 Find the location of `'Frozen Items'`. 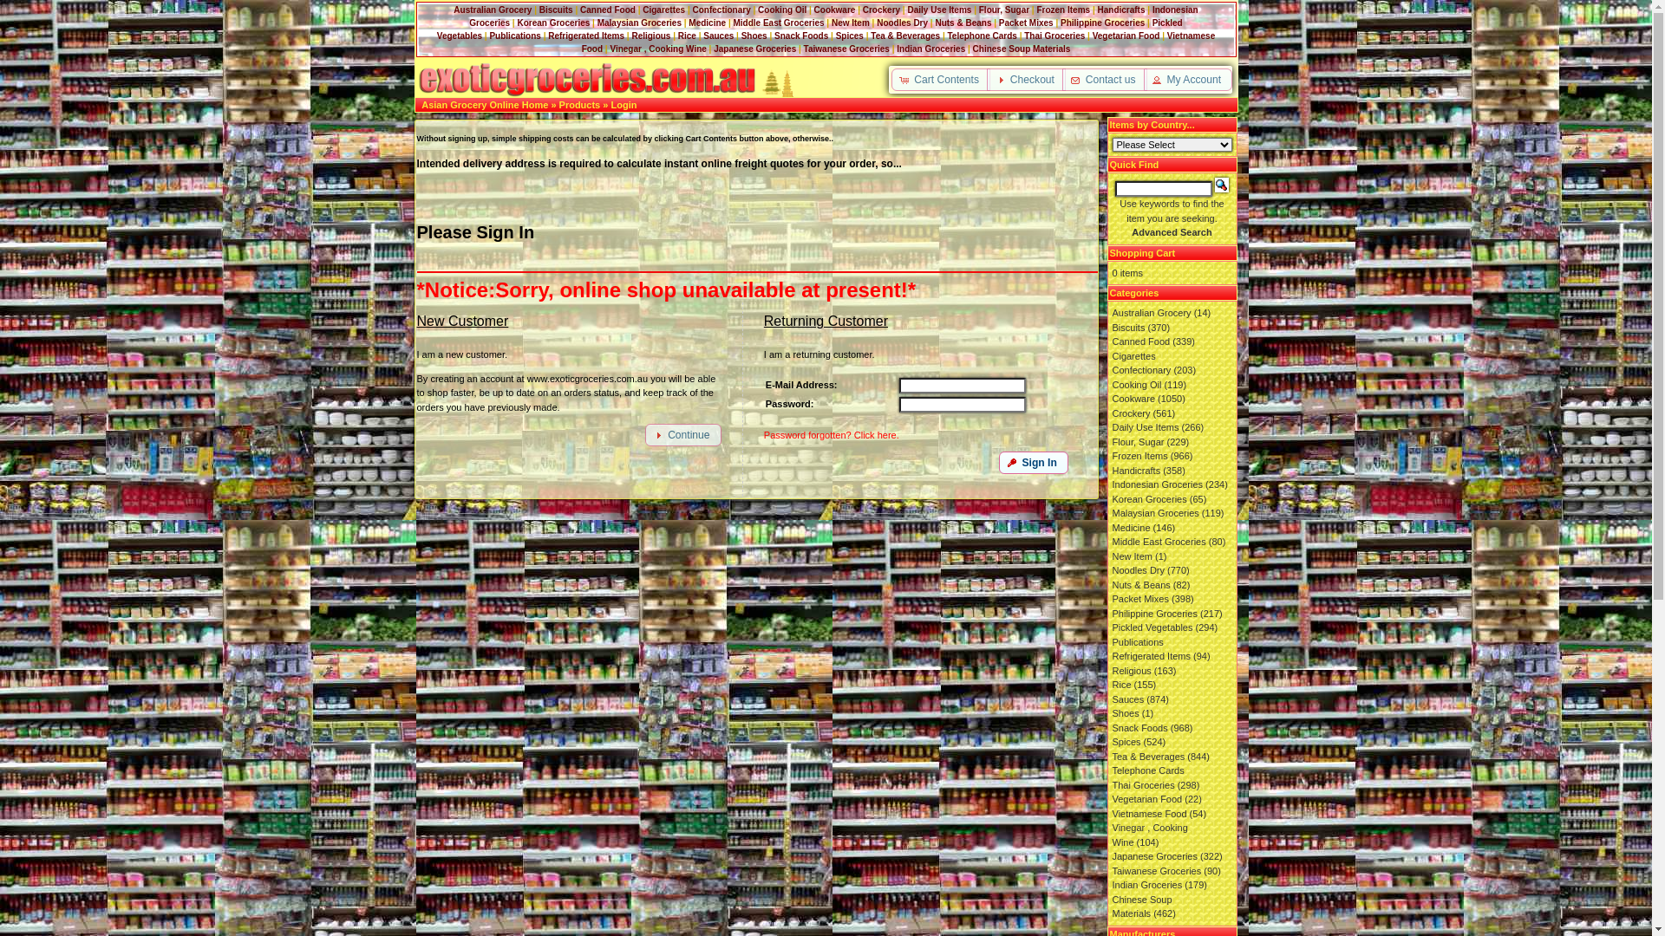

'Frozen Items' is located at coordinates (1061, 10).